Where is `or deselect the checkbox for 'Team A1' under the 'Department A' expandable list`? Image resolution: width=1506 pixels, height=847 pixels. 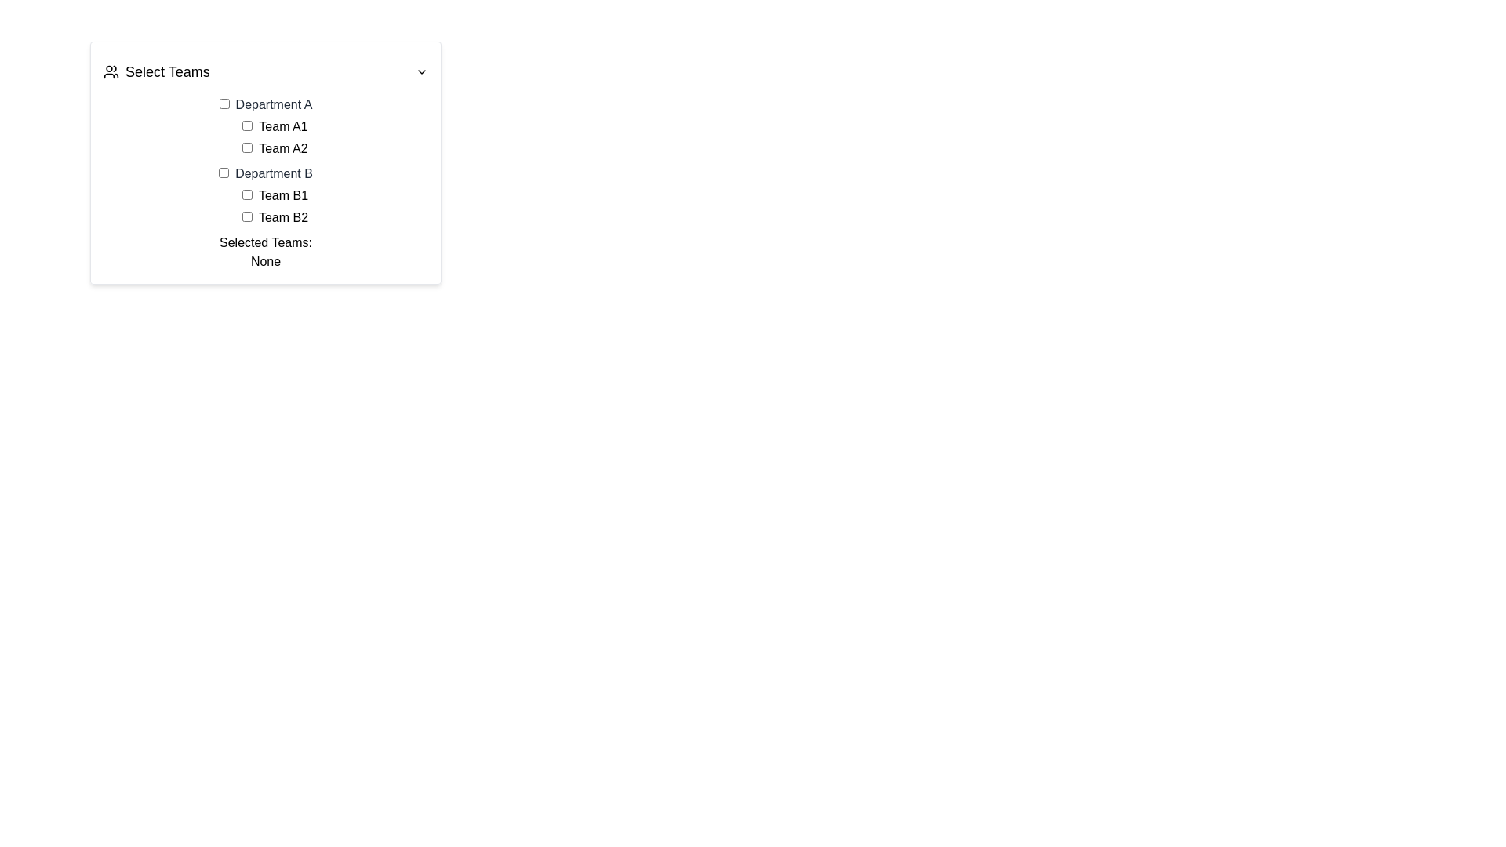
or deselect the checkbox for 'Team A1' under the 'Department A' expandable list is located at coordinates (266, 126).